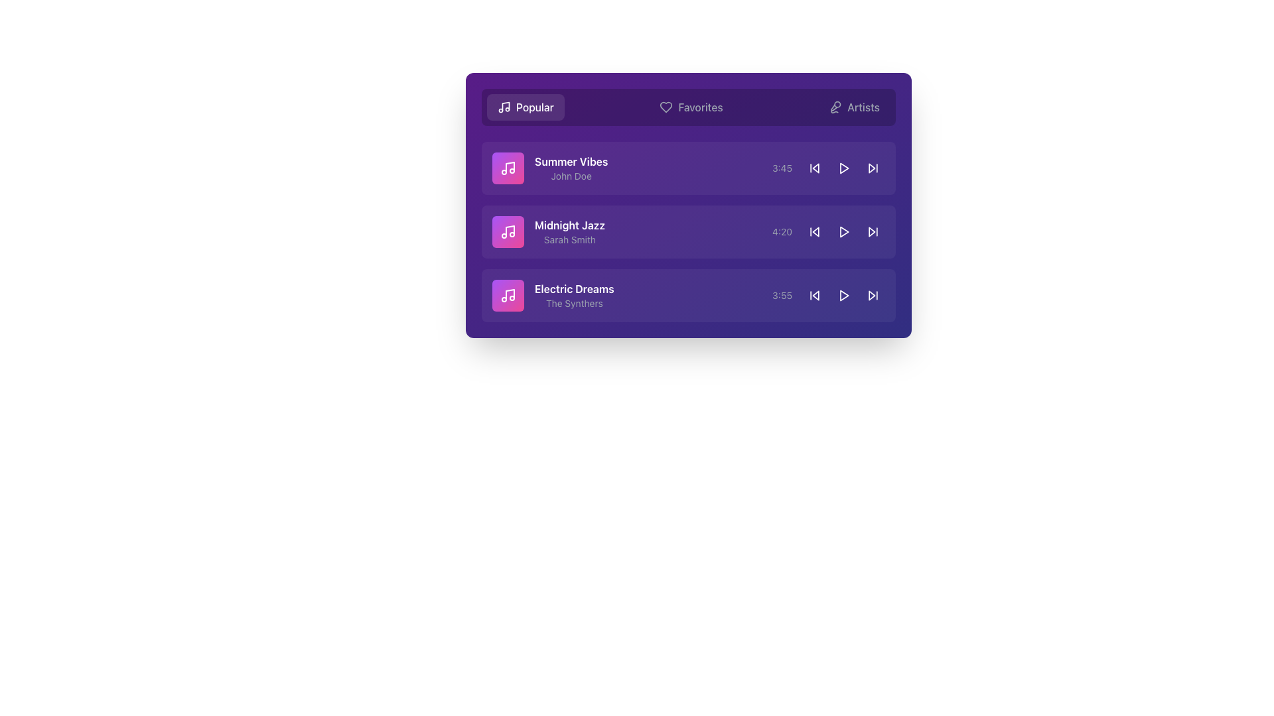 The image size is (1274, 716). I want to click on the music track item titled 'Midnight Jazz' by 'Sarah Smith' in the second row of the 'Popular' tab, so click(688, 231).